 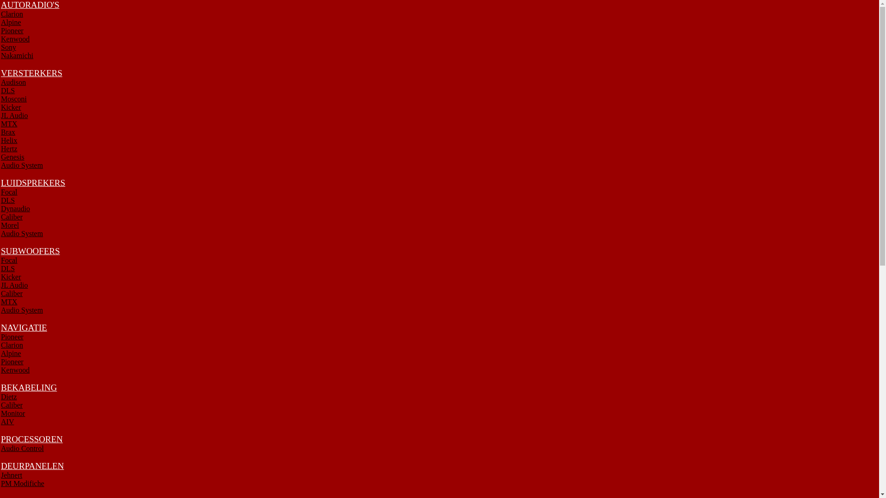 What do you see at coordinates (11, 276) in the screenshot?
I see `'Kicker'` at bounding box center [11, 276].